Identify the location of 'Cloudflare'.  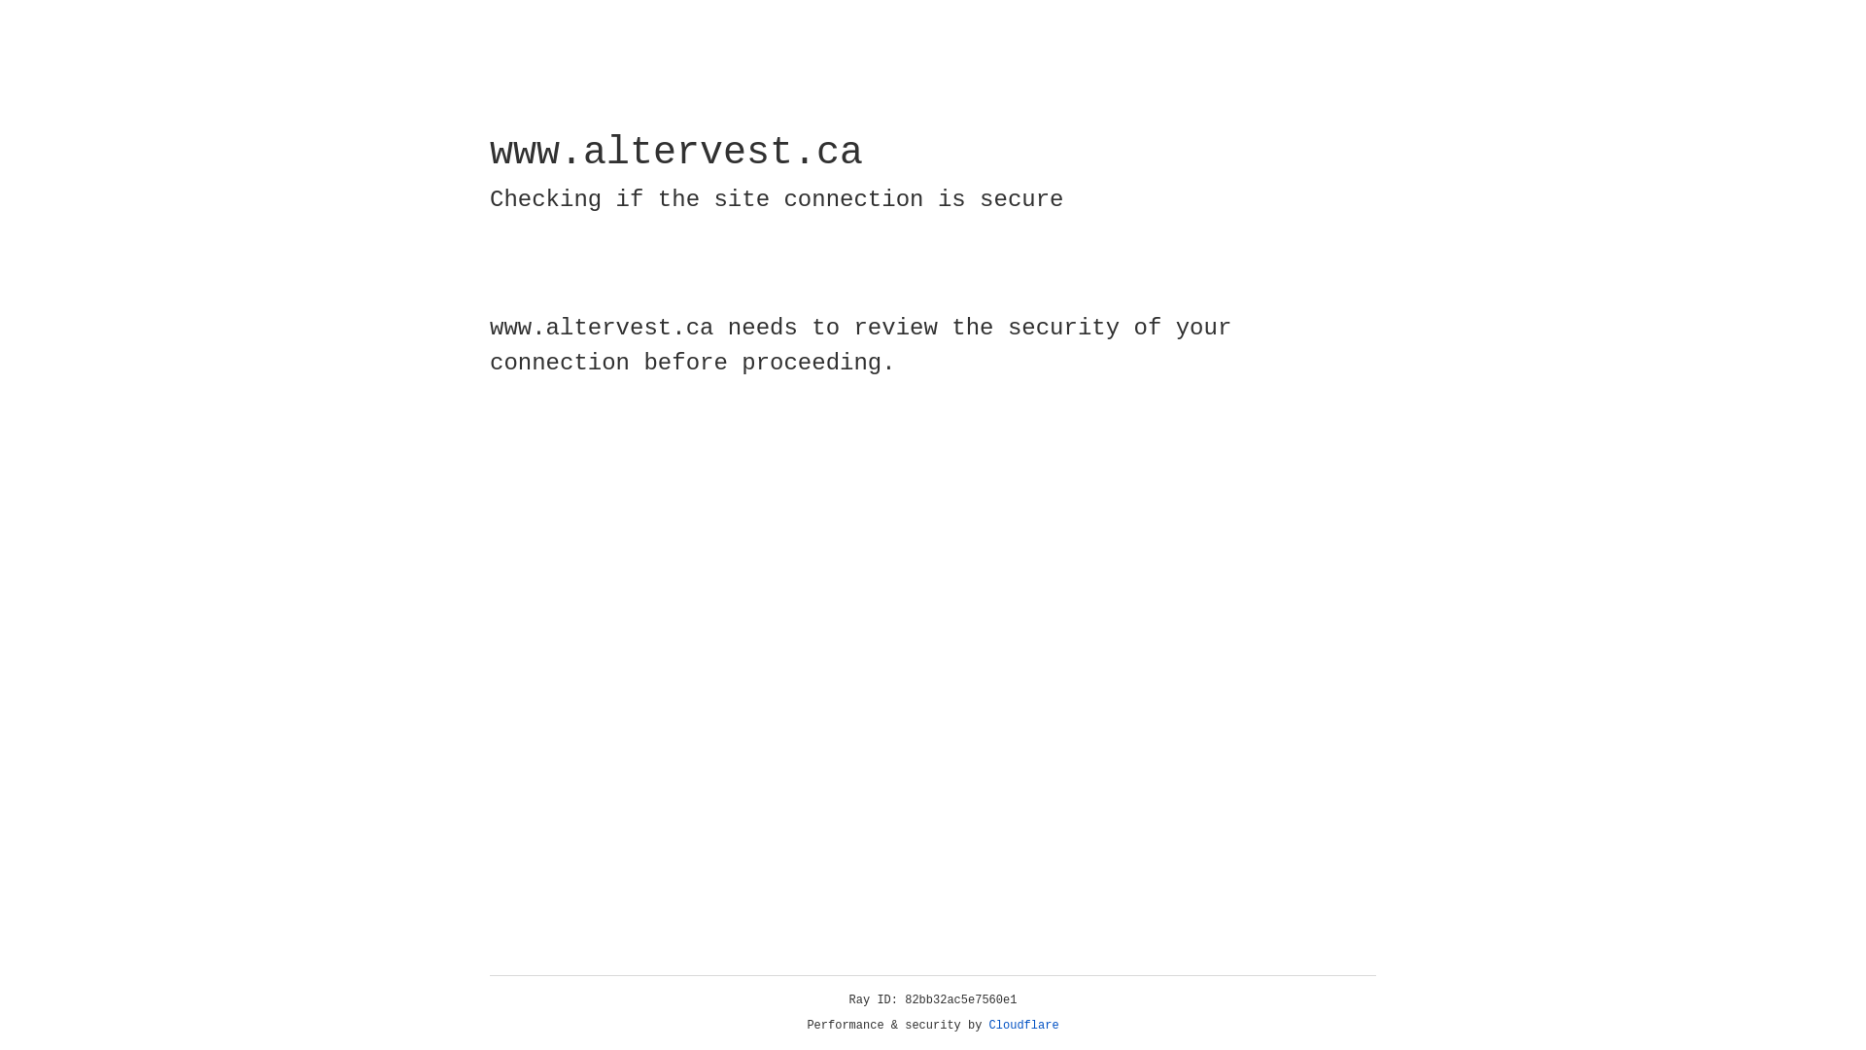
(1023, 1025).